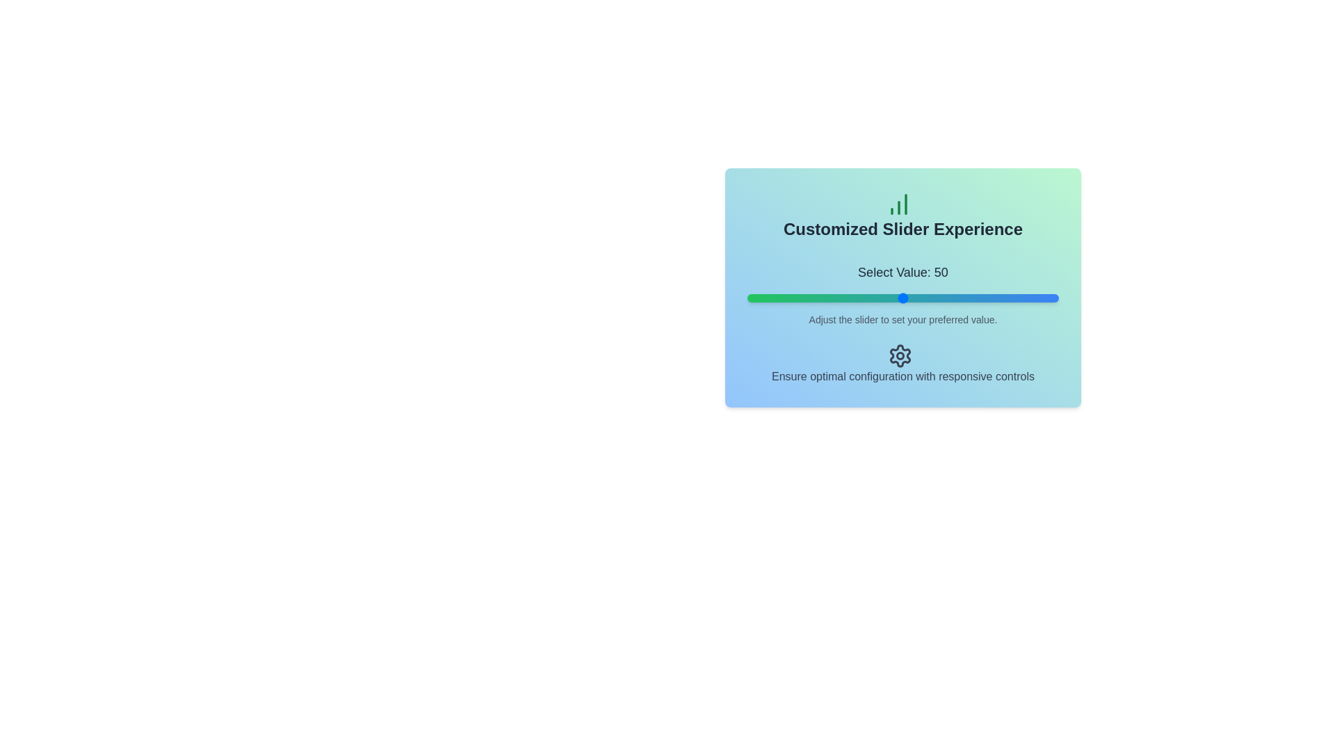 The height and width of the screenshot is (751, 1335). I want to click on the slider to set its value to 34, so click(852, 297).